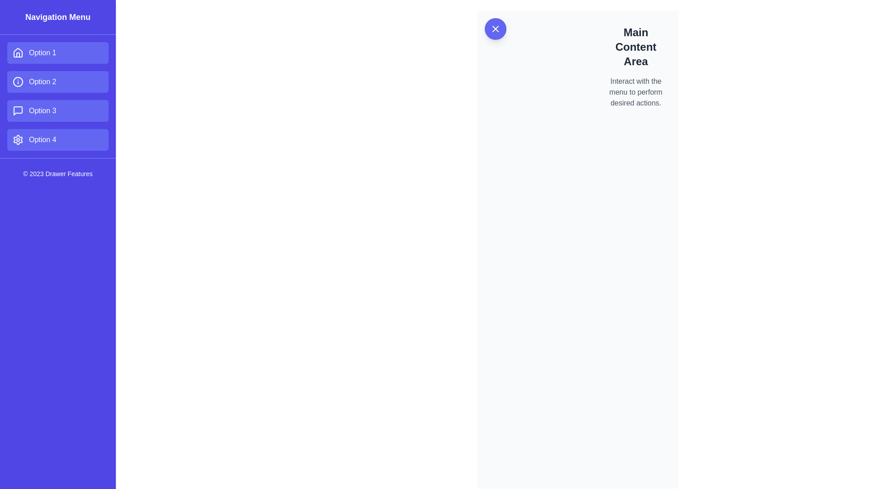 This screenshot has width=869, height=489. Describe the element at coordinates (57, 110) in the screenshot. I see `the rectangular button labeled 'Option 3' with a purple background and rounded corners, located in the vertical navigation menu between 'Option 2' and 'Option 4'` at that location.